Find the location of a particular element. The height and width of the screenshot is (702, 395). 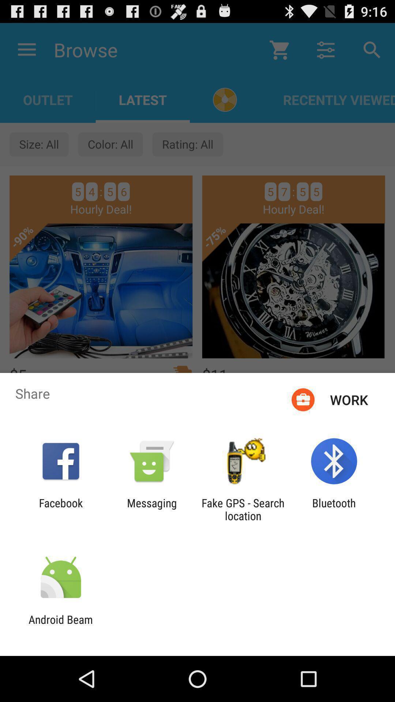

app to the left of fake gps search icon is located at coordinates (151, 509).